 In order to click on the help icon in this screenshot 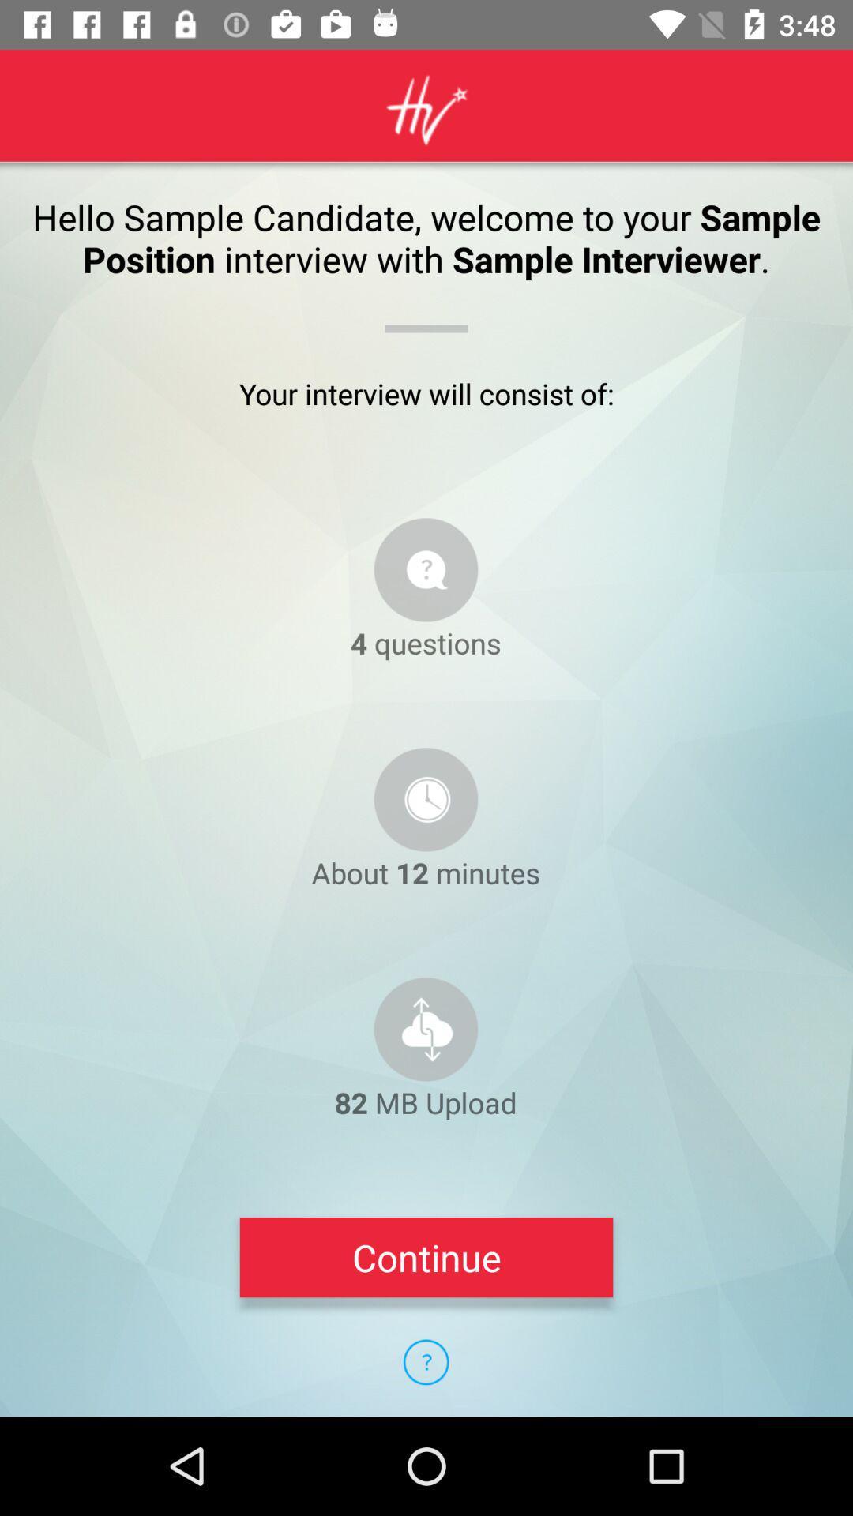, I will do `click(425, 1361)`.